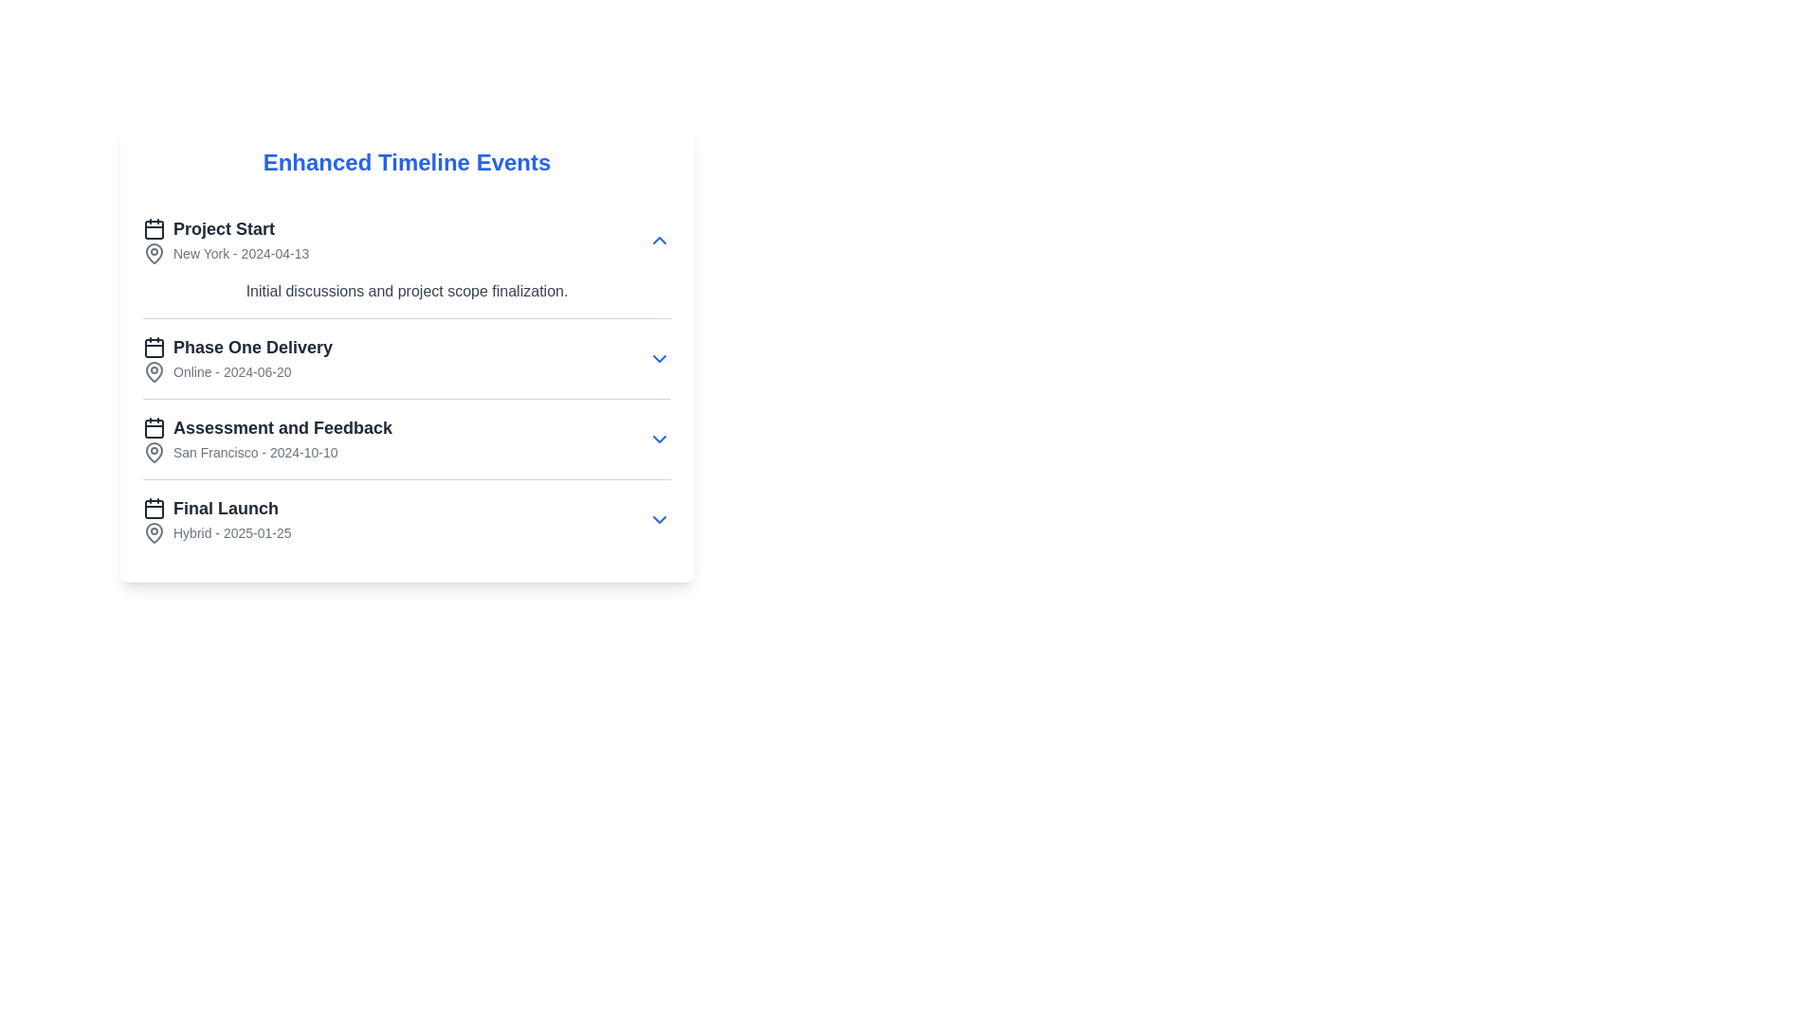  What do you see at coordinates (217, 519) in the screenshot?
I see `the 'Final Launch' informational block located below the 'Assessment and Feedback' section` at bounding box center [217, 519].